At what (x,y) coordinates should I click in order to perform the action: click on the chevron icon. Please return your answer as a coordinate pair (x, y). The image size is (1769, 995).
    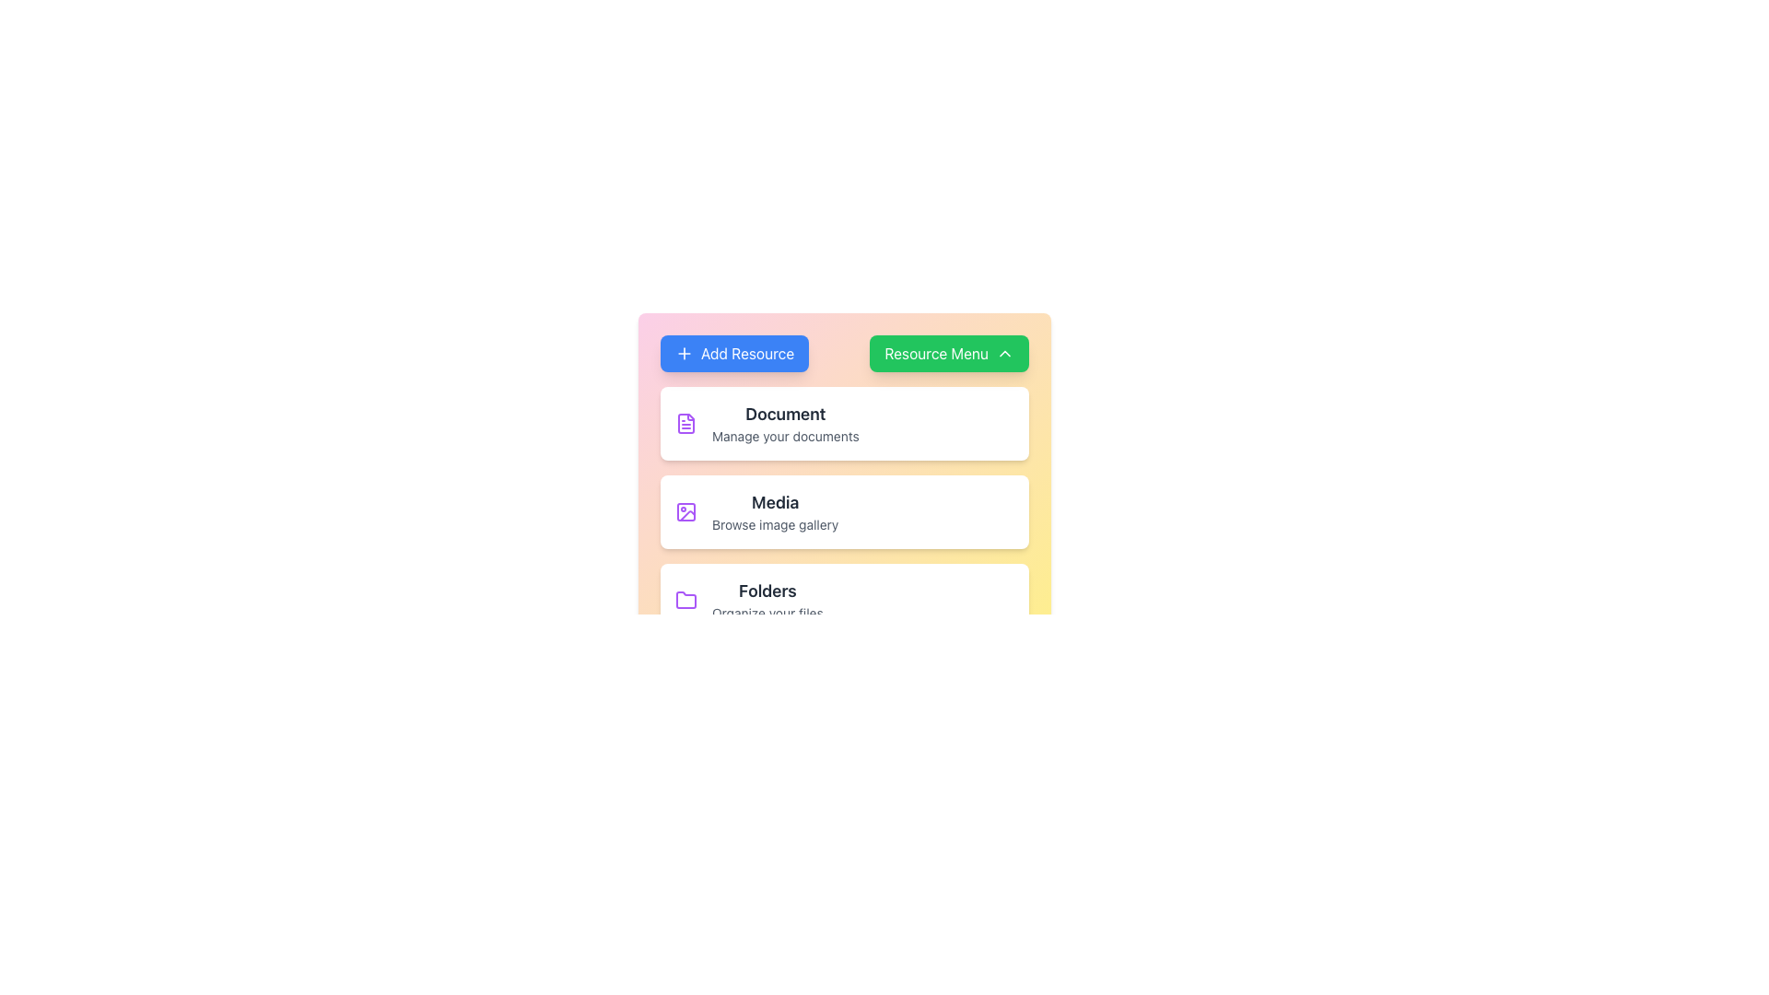
    Looking at the image, I should click on (1003, 354).